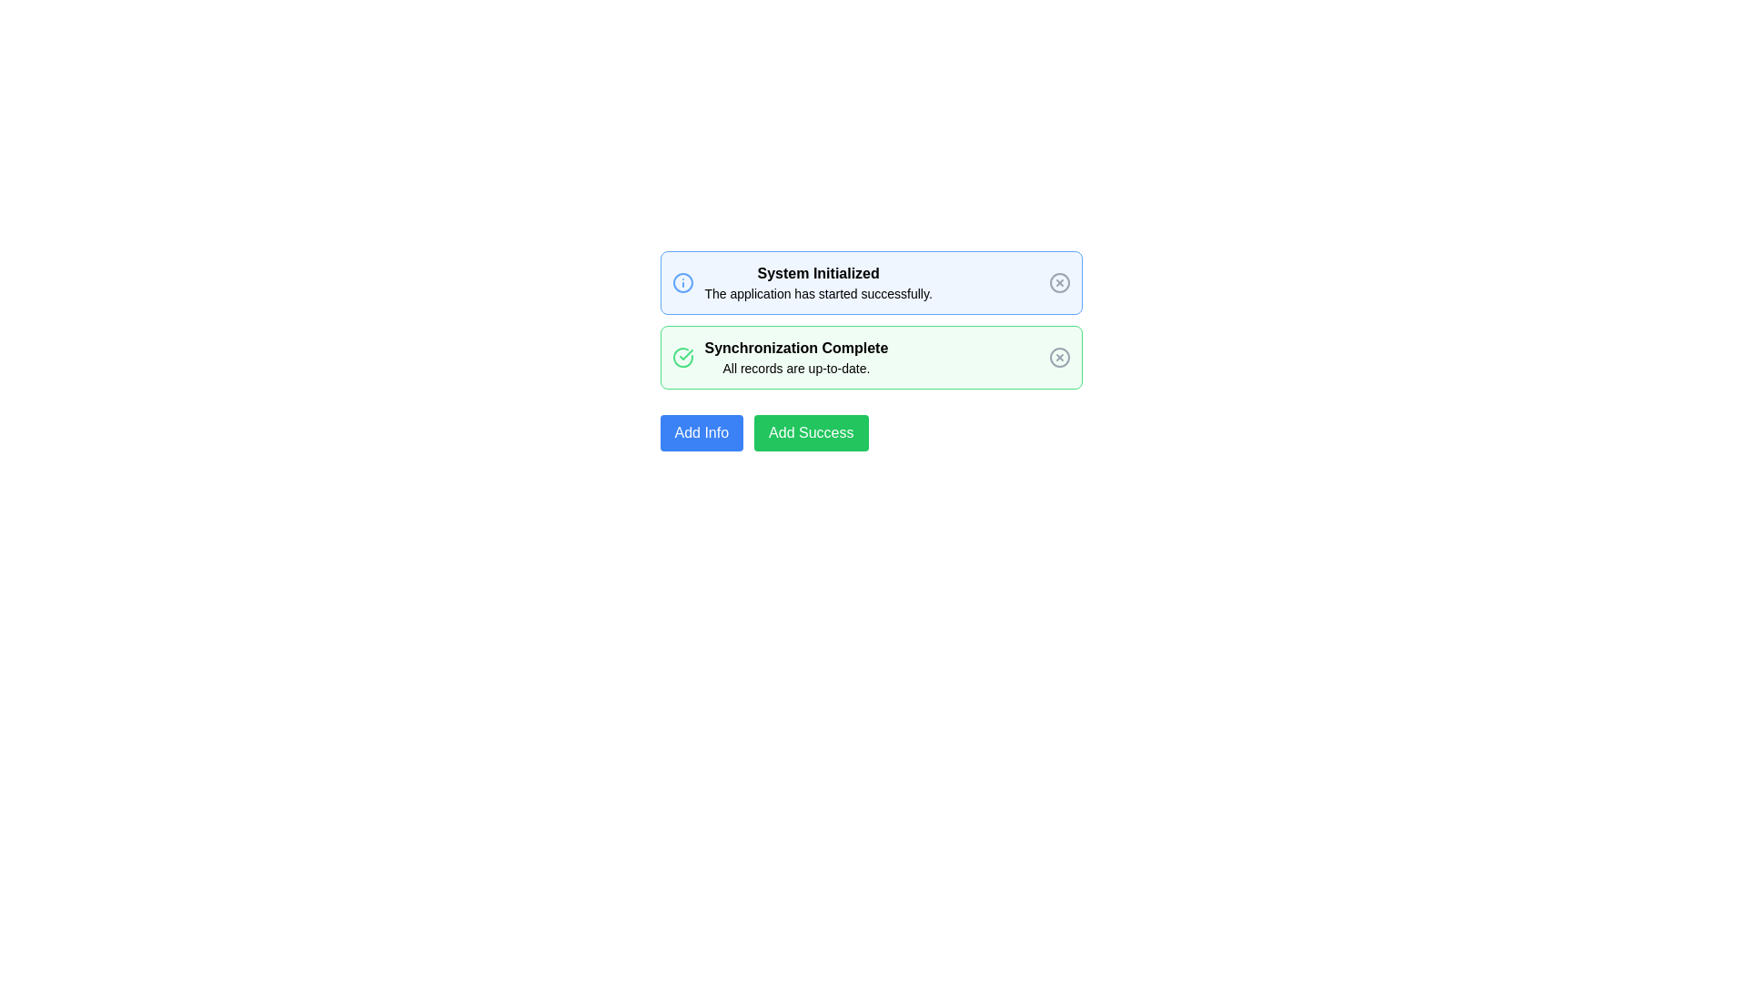  I want to click on the circular icon with a green outline and a checkmark symbol located to the left of the 'Synchronization Complete' text in the notification card, so click(682, 358).